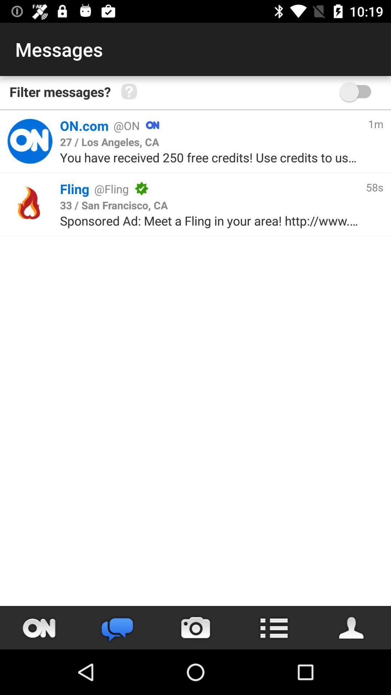  I want to click on the item below the 33 san francisco item, so click(209, 220).